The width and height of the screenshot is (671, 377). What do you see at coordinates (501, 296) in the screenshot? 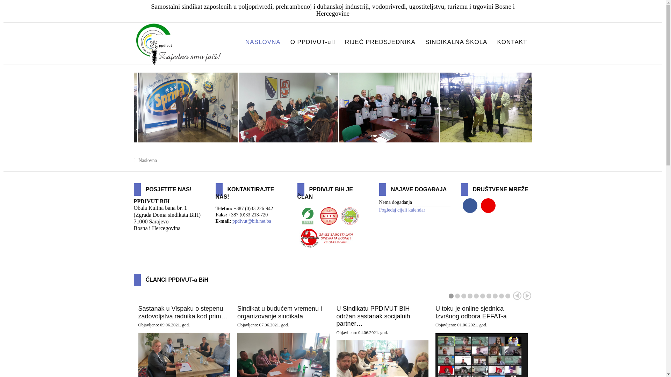
I see `'9'` at bounding box center [501, 296].